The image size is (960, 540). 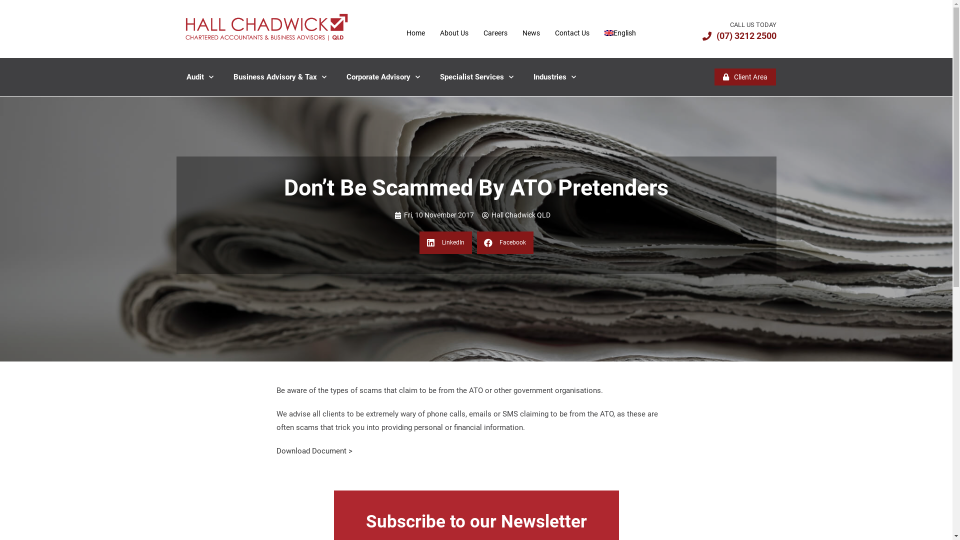 What do you see at coordinates (553, 76) in the screenshot?
I see `'Industries'` at bounding box center [553, 76].